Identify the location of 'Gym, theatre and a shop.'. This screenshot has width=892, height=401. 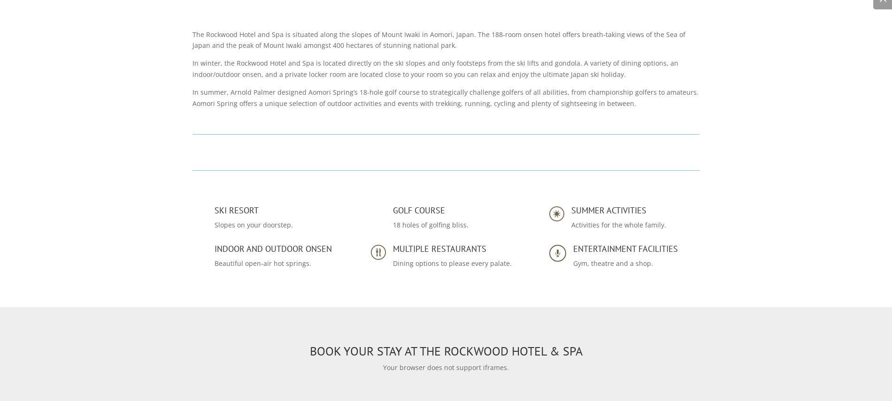
(572, 262).